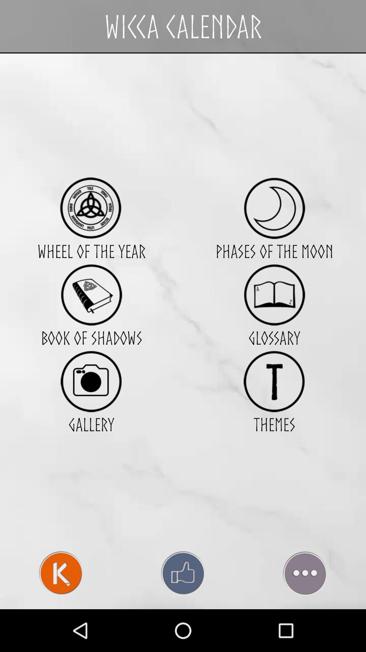  What do you see at coordinates (304, 573) in the screenshot?
I see `more pages` at bounding box center [304, 573].